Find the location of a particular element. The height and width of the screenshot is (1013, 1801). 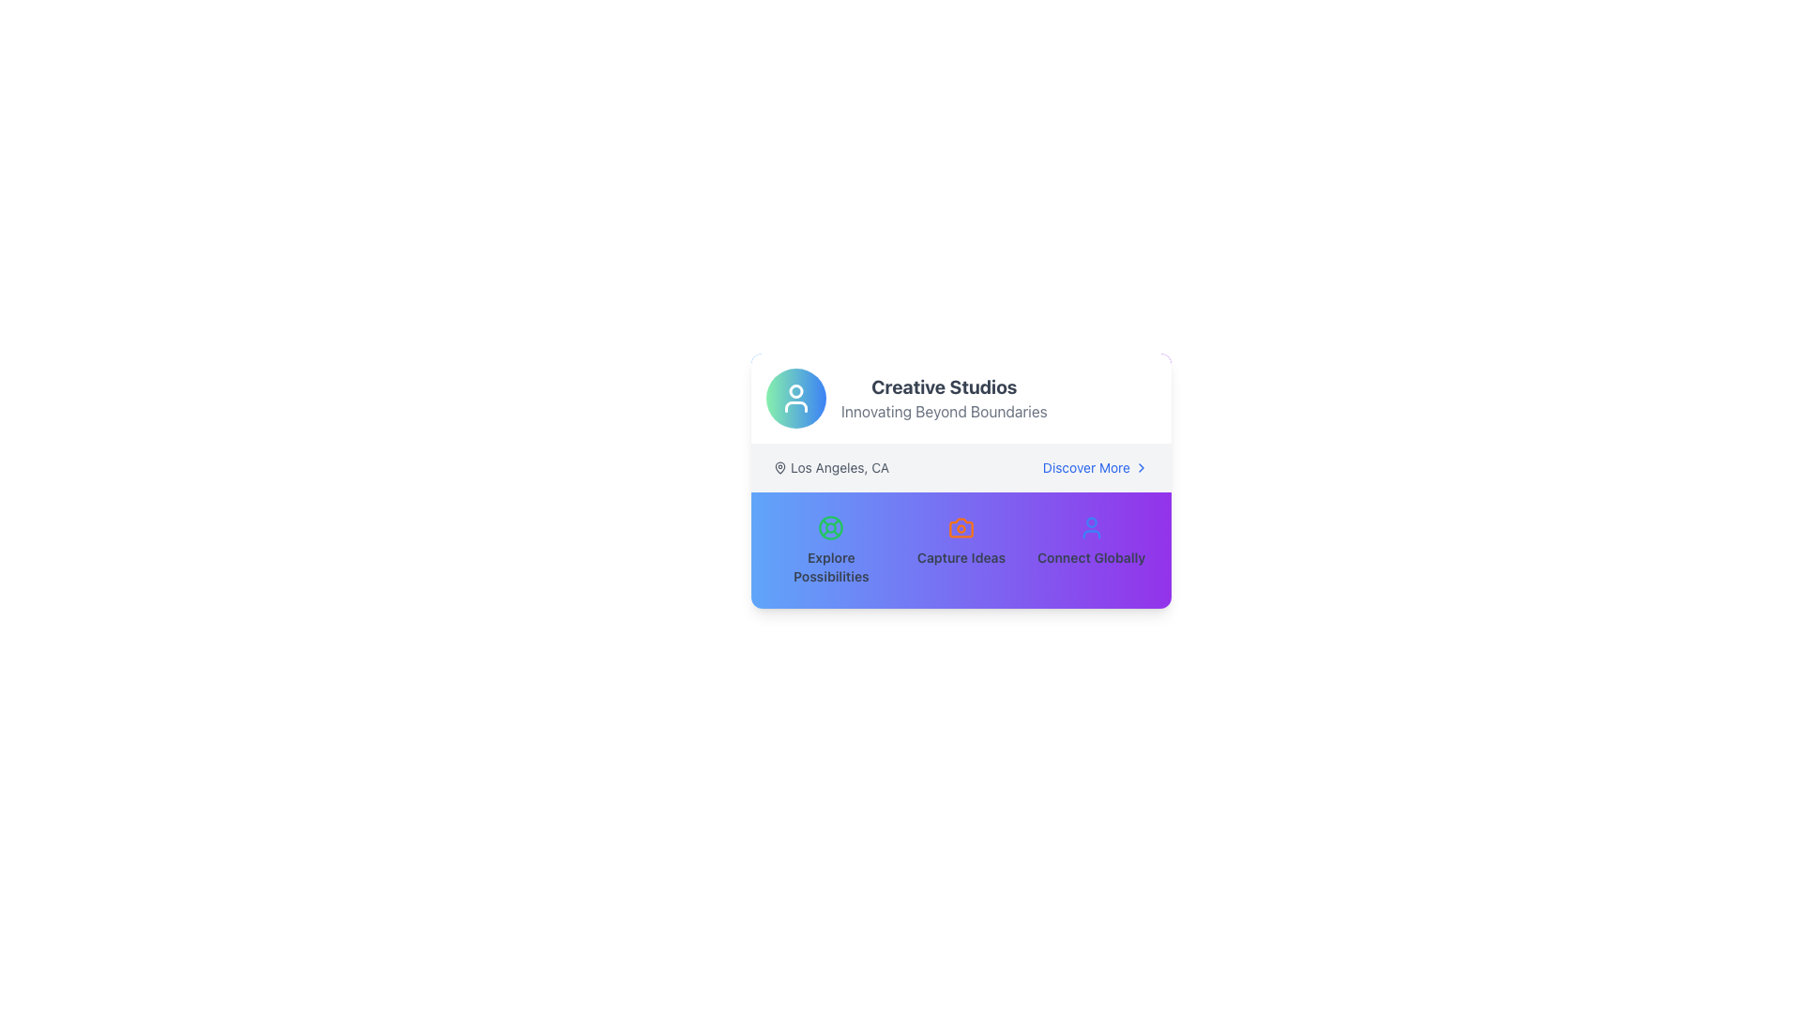

the navigation icon located to the right of the 'Discover More' text, which provides additional information or leads to another page is located at coordinates (1141, 466).